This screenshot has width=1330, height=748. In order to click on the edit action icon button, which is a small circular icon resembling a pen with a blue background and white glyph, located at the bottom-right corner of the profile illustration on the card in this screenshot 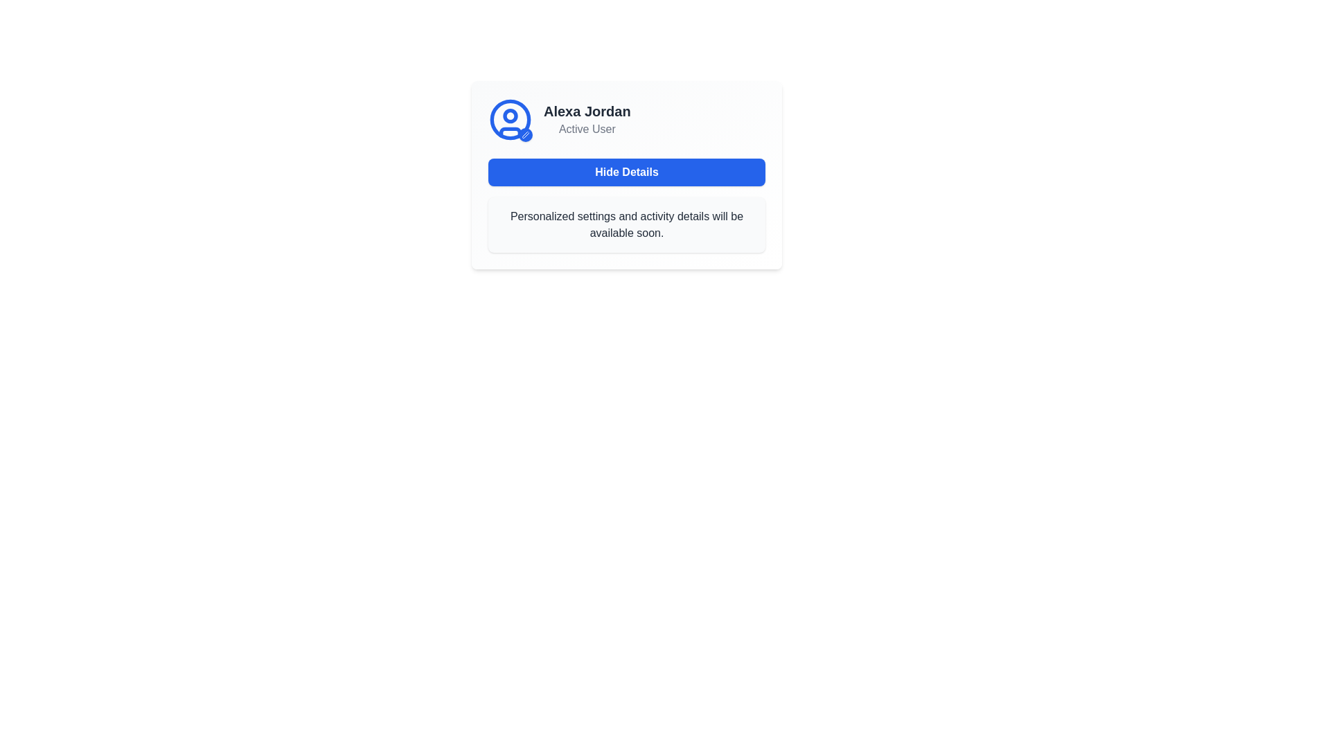, I will do `click(524, 135)`.